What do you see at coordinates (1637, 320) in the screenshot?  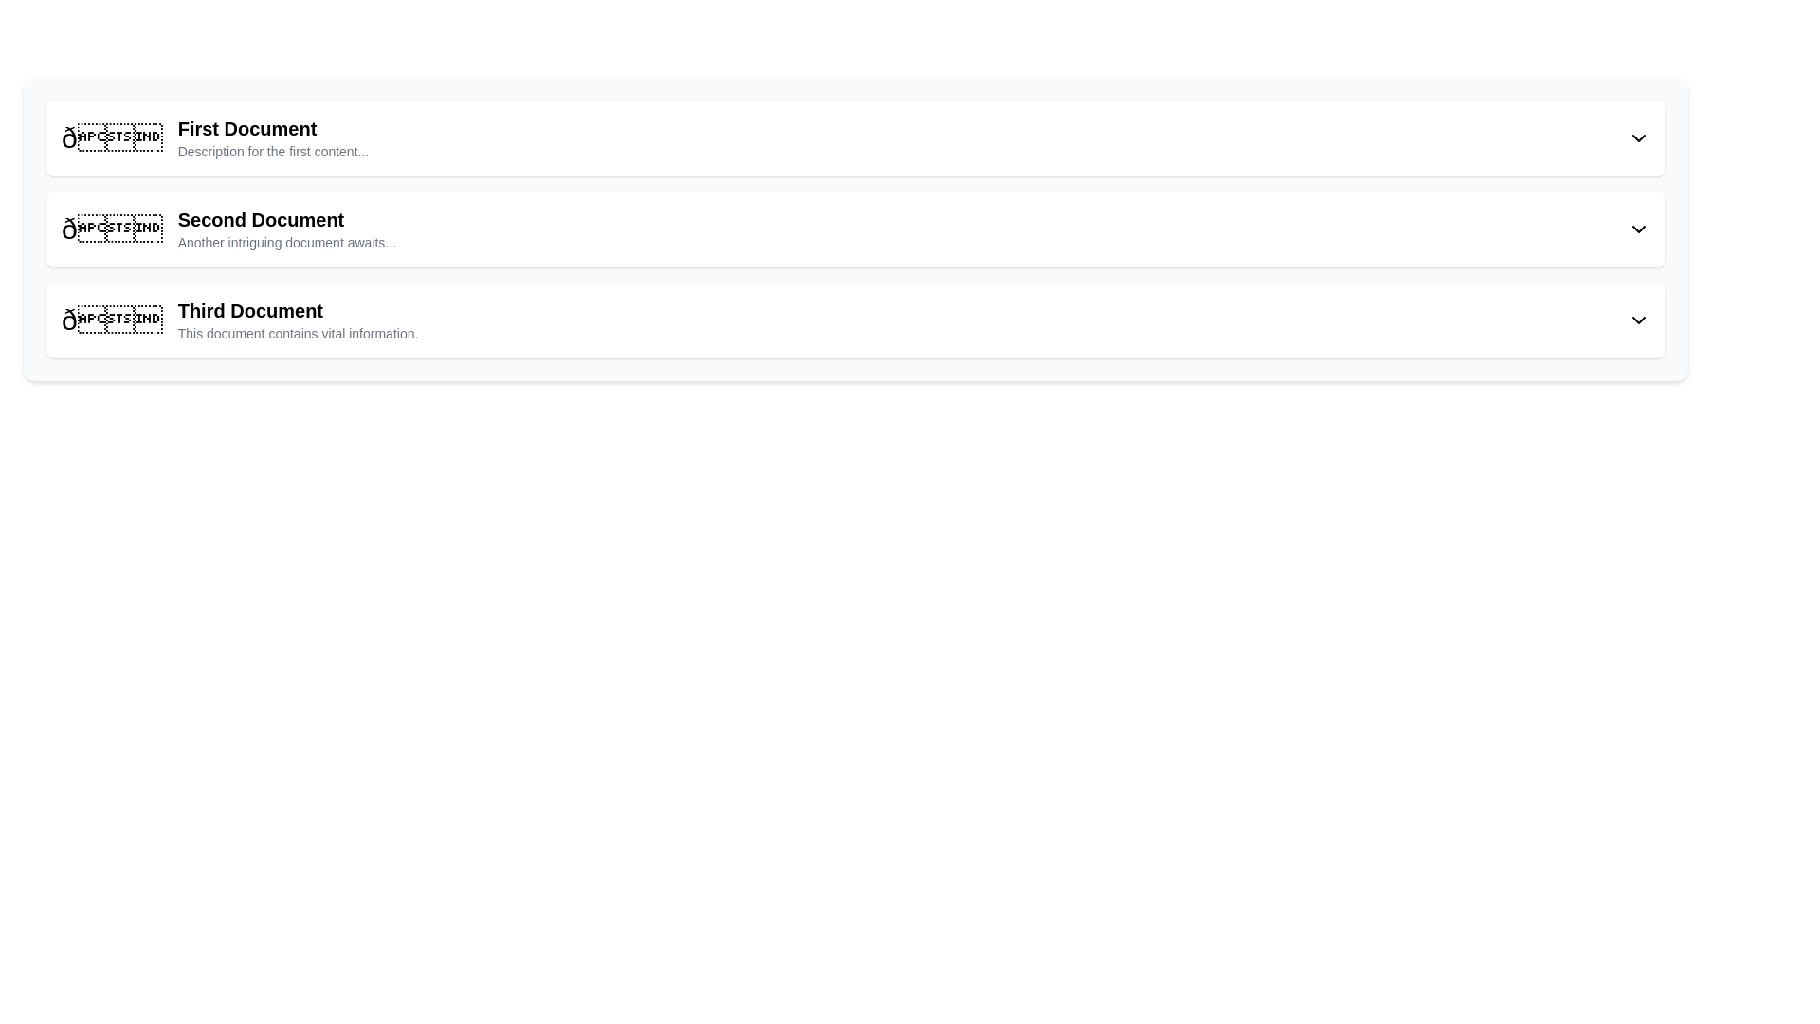 I see `the downward-pointing chevron icon at the far right of the 'Third Document' entry` at bounding box center [1637, 320].